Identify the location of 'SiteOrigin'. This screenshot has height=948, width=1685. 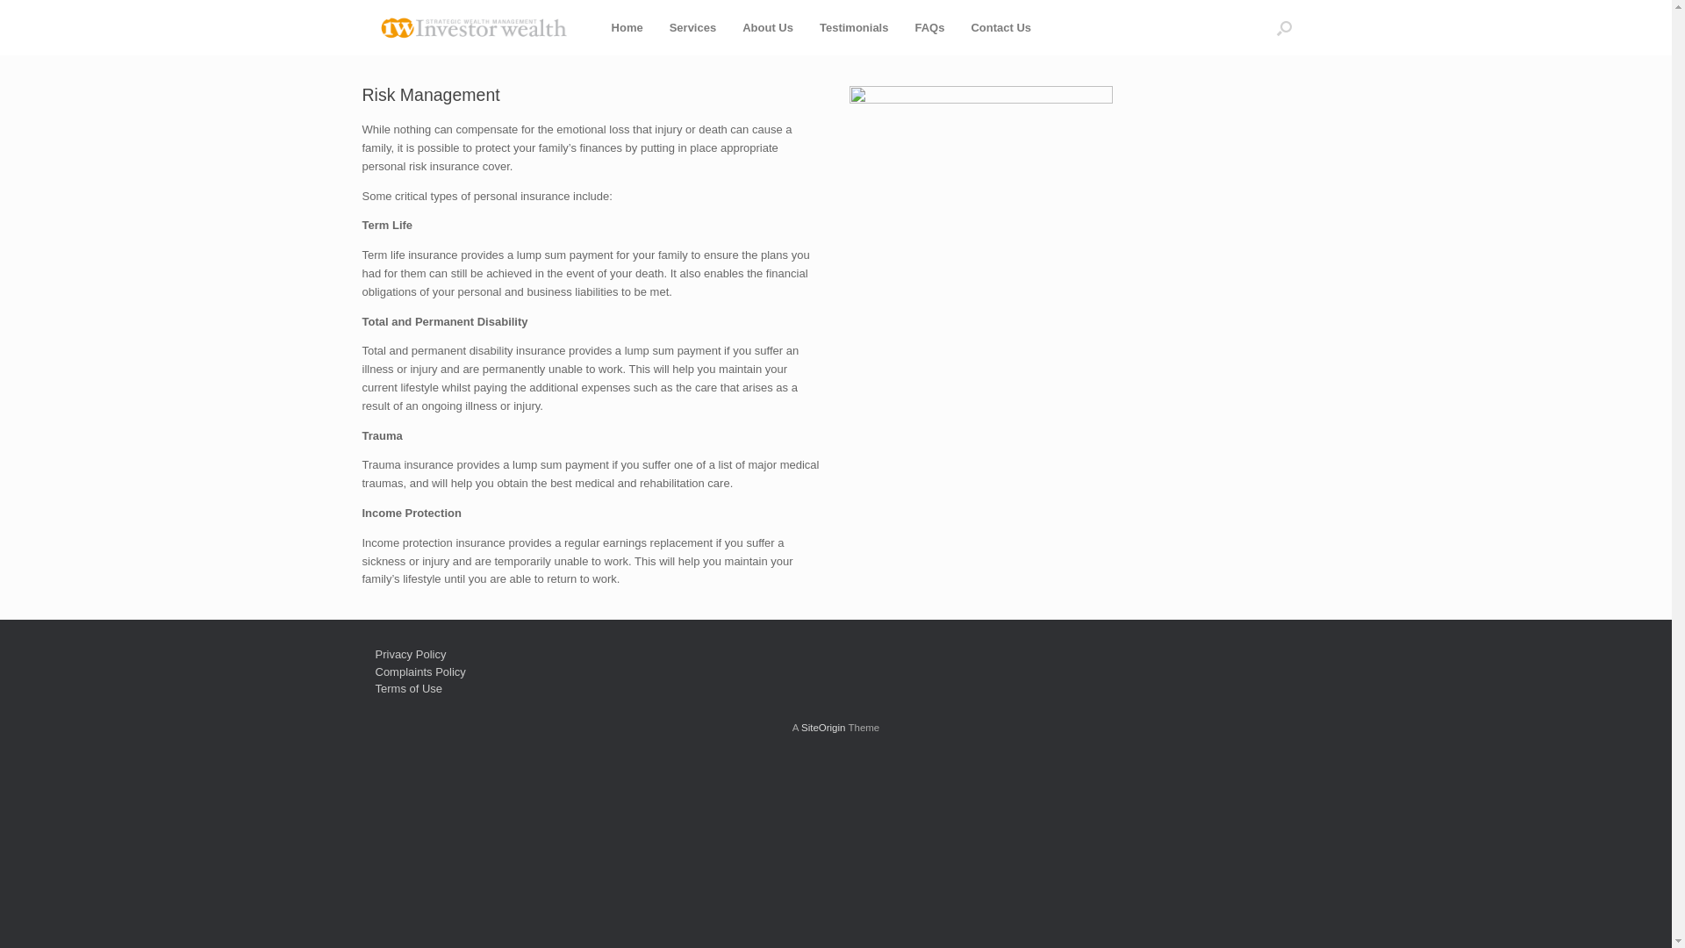
(822, 728).